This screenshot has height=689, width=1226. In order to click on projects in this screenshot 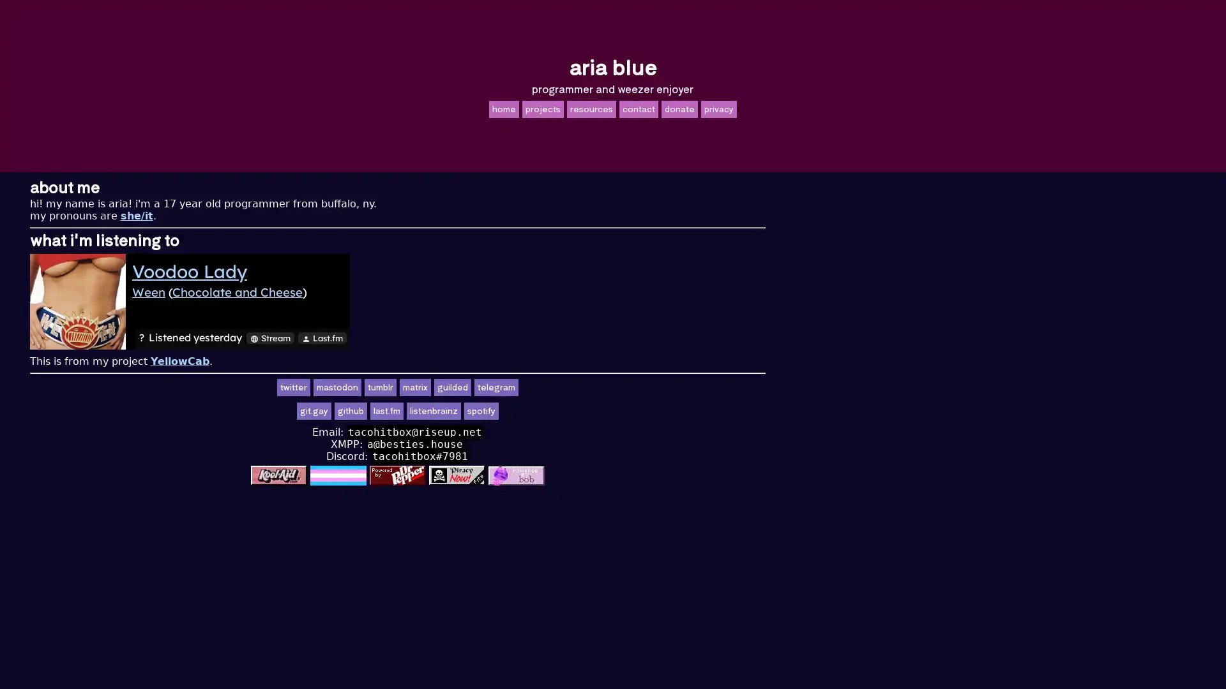, I will do `click(542, 108)`.